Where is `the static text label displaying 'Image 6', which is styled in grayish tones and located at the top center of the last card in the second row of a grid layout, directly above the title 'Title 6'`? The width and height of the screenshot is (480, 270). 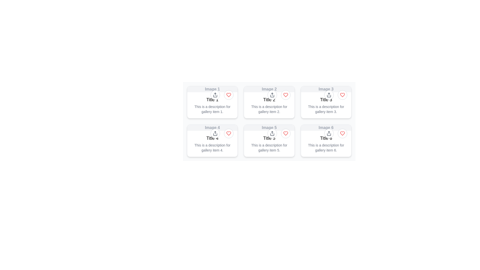
the static text label displaying 'Image 6', which is styled in grayish tones and located at the top center of the last card in the second row of a grid layout, directly above the title 'Title 6' is located at coordinates (326, 127).